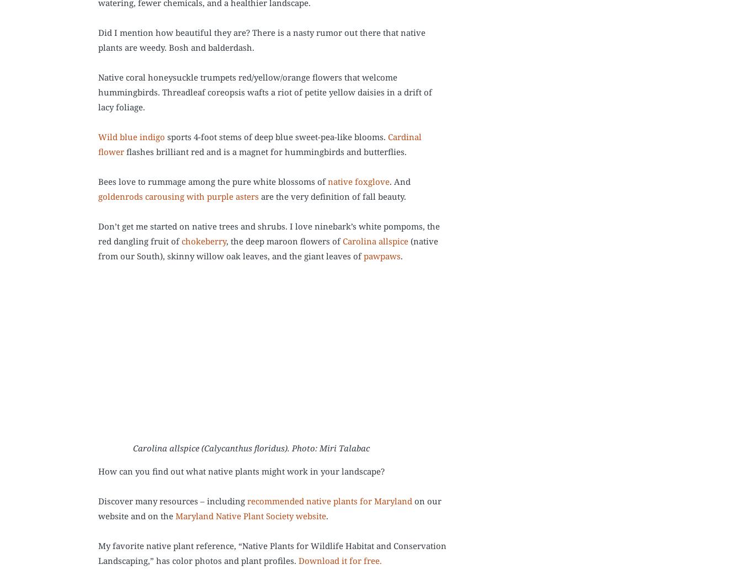 The height and width of the screenshot is (575, 745). Describe the element at coordinates (98, 248) in the screenshot. I see `'(native from our South), skinny willow oak leaves, and the giant leaves of'` at that location.